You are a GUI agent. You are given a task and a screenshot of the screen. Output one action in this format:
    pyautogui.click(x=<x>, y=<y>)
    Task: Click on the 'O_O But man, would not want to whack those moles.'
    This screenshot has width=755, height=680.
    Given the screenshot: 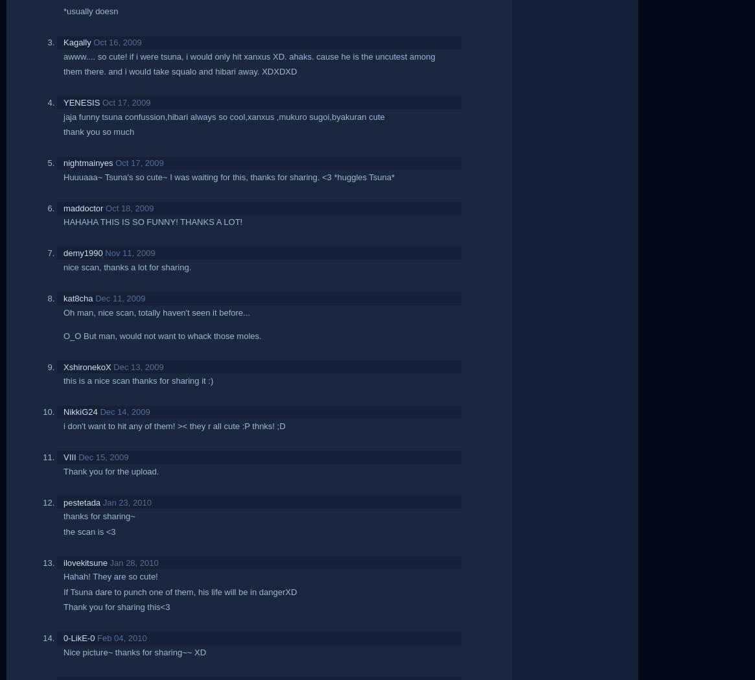 What is the action you would take?
    pyautogui.click(x=162, y=334)
    